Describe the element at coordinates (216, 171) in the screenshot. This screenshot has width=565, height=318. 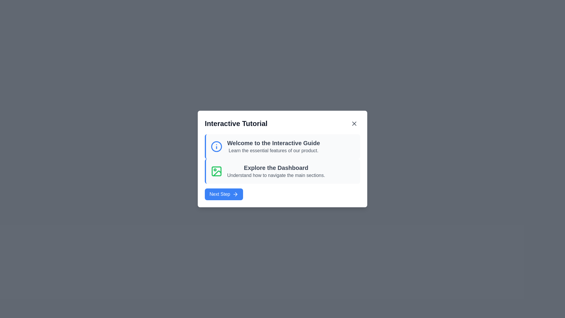
I see `the Decorative icon located to the left of the text 'Explore the Dashboard' within the tutorial steps` at that location.